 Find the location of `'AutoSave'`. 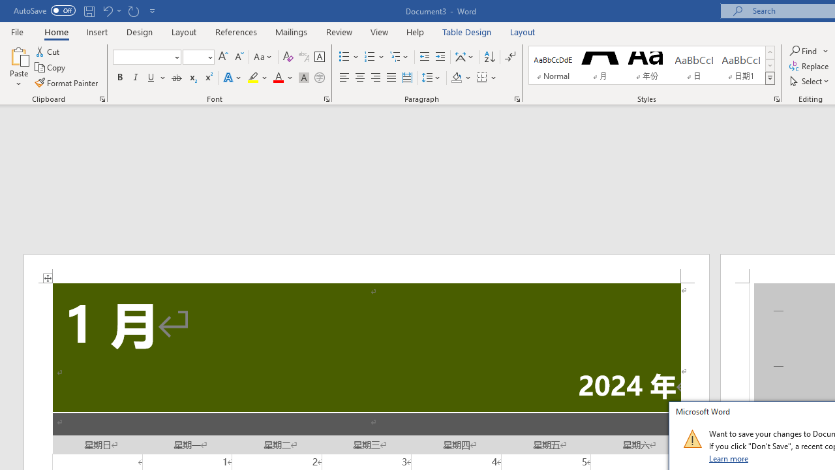

'AutoSave' is located at coordinates (44, 10).